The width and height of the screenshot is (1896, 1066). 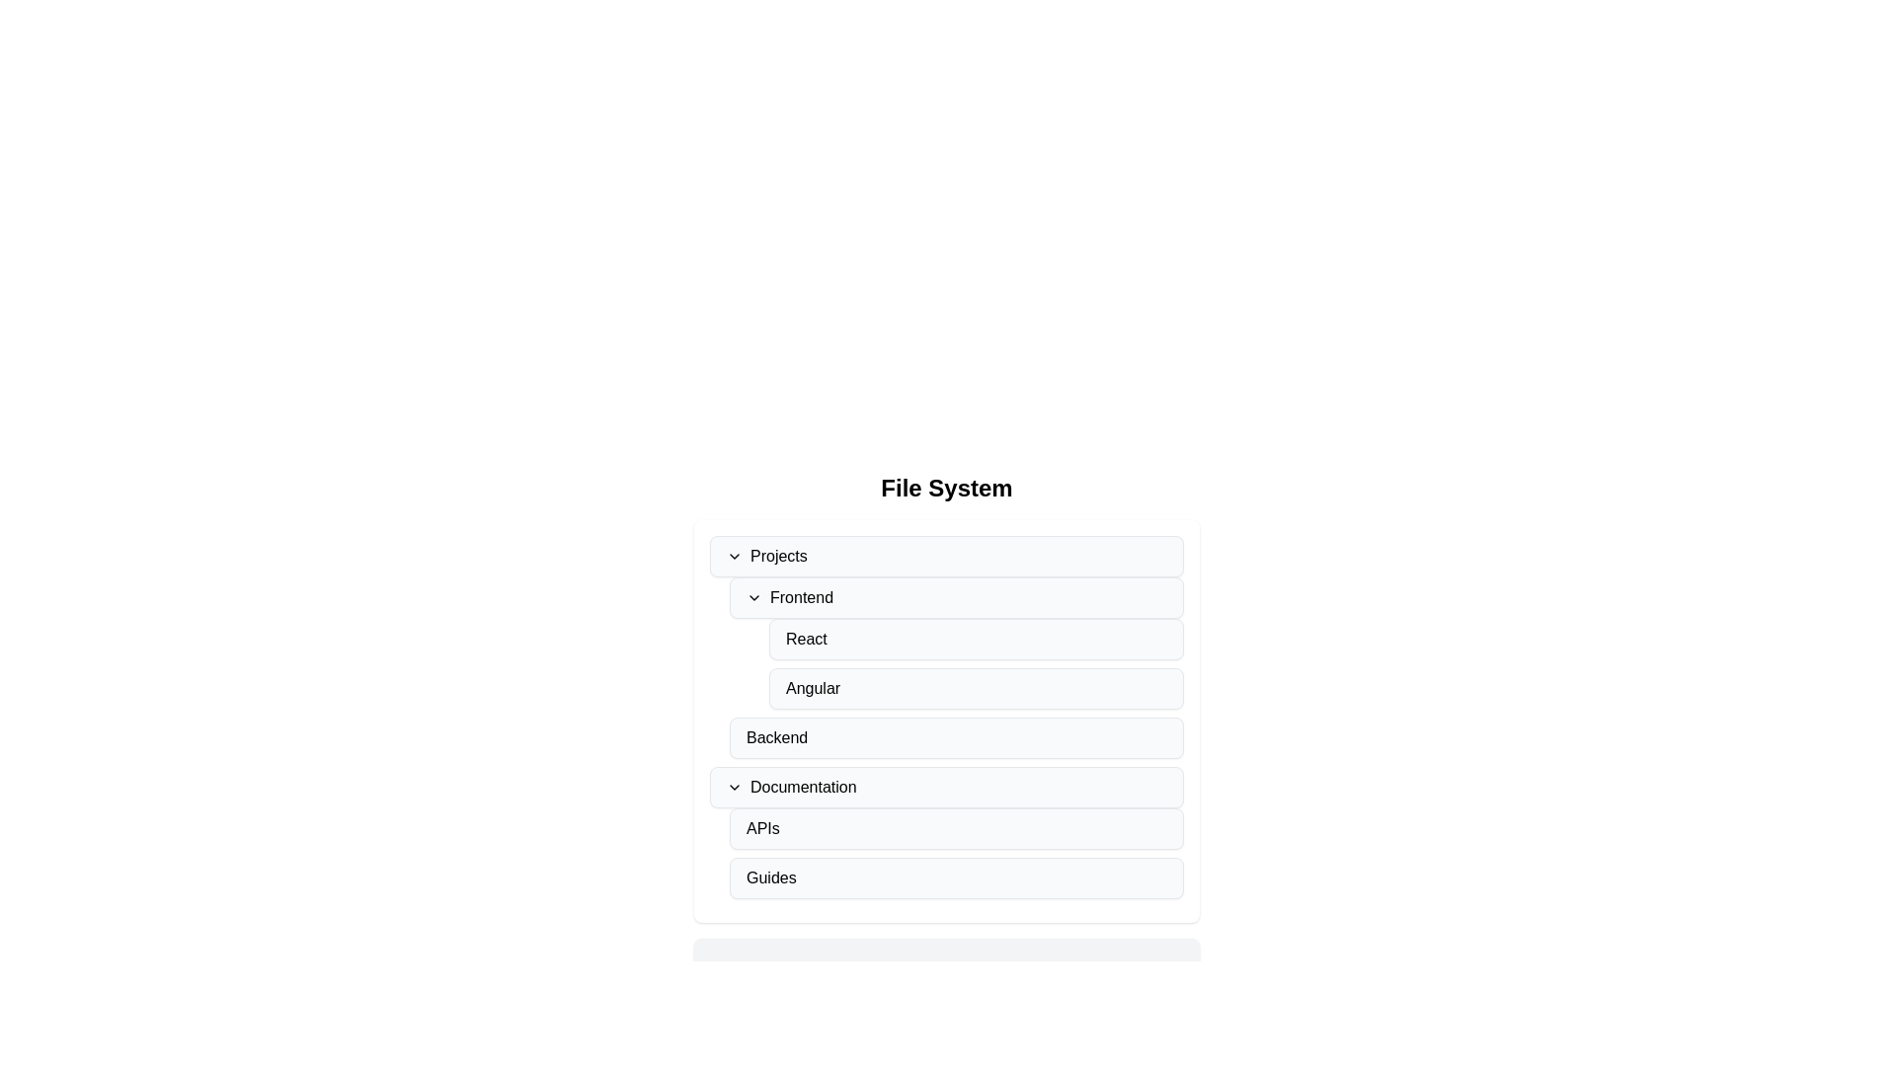 What do you see at coordinates (791, 787) in the screenshot?
I see `the 'Documentation' text label with an associated interactive icon` at bounding box center [791, 787].